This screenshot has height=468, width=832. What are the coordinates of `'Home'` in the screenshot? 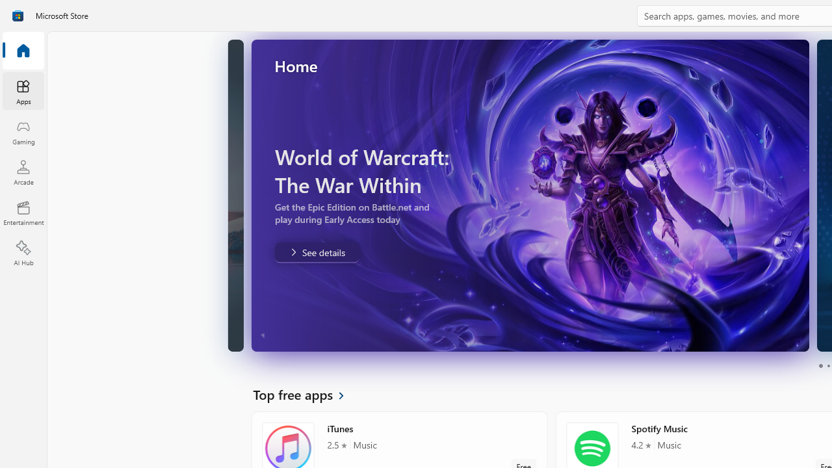 It's located at (23, 51).